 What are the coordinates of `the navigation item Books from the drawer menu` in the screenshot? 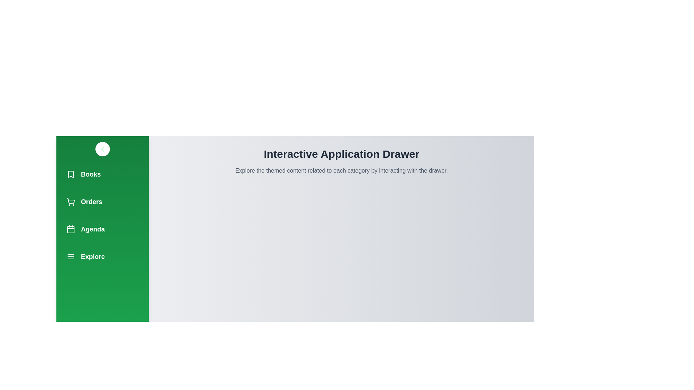 It's located at (102, 174).